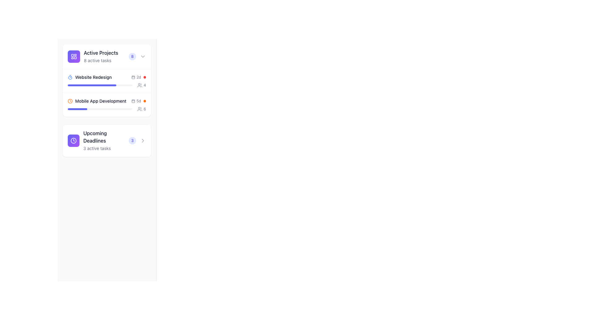 The image size is (594, 334). I want to click on the small text label displaying the number '4', which is styled in light gray and positioned to the right of a user icon in the 'Mobile App Development' section under 'Active Projects', so click(144, 85).